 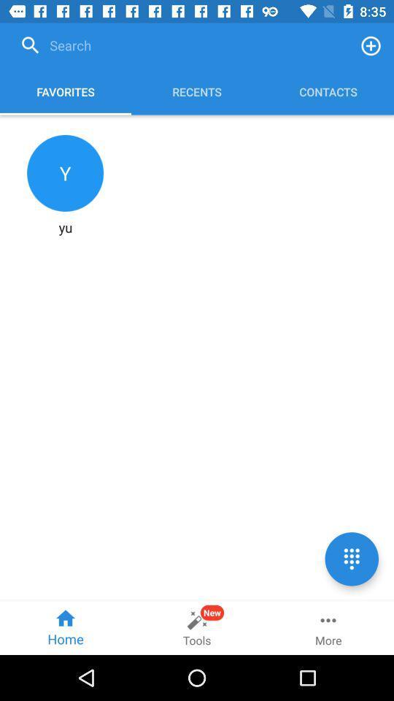 I want to click on open keypad, so click(x=351, y=558).